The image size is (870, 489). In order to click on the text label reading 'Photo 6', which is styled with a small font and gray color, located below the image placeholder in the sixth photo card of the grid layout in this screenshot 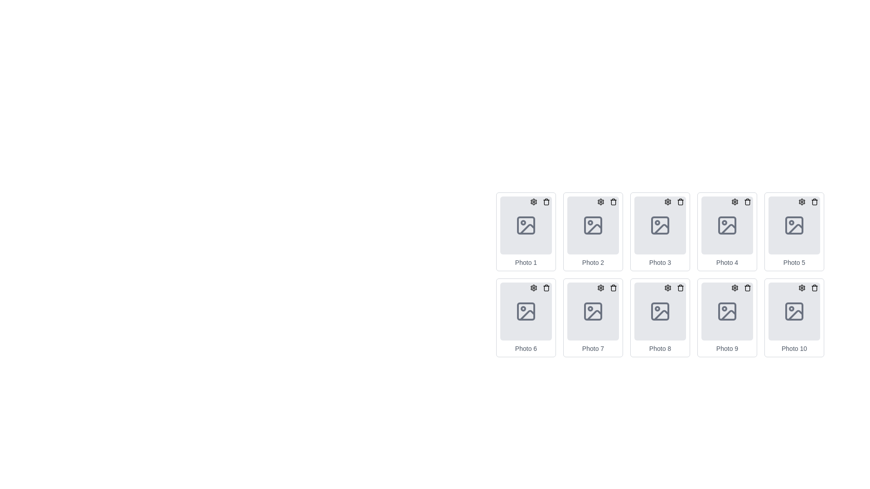, I will do `click(526, 348)`.